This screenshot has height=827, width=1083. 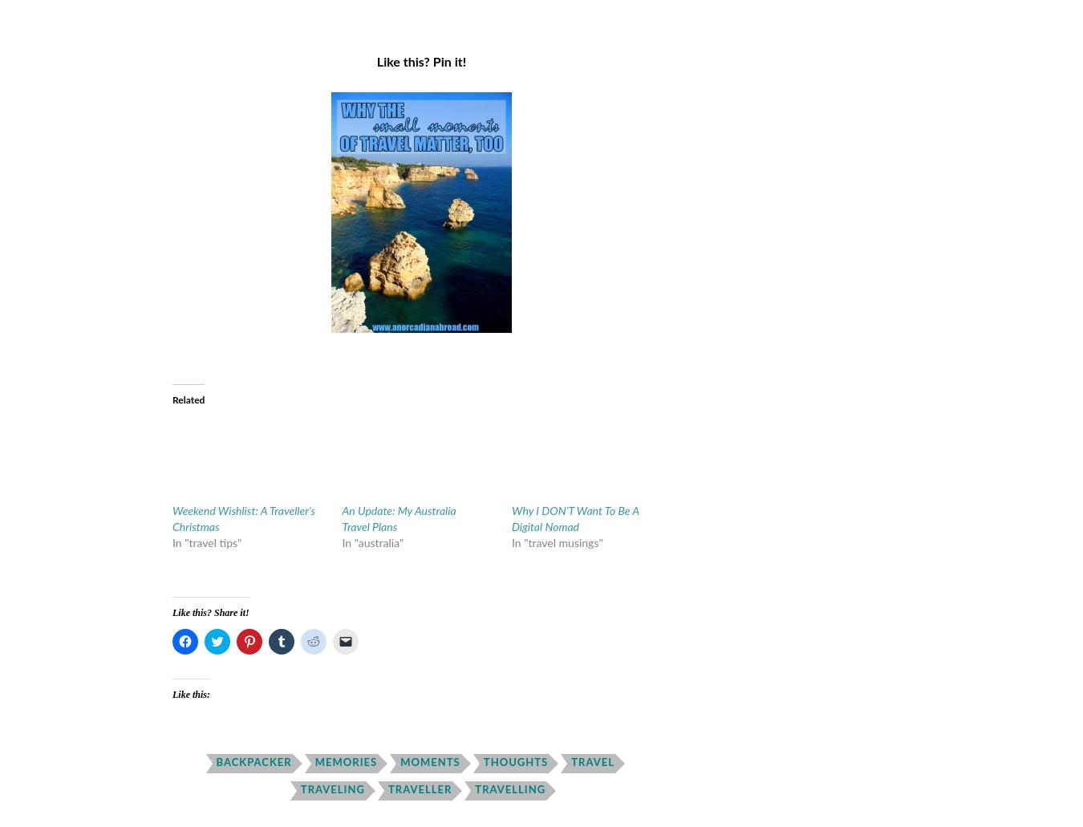 What do you see at coordinates (428, 761) in the screenshot?
I see `'moments'` at bounding box center [428, 761].